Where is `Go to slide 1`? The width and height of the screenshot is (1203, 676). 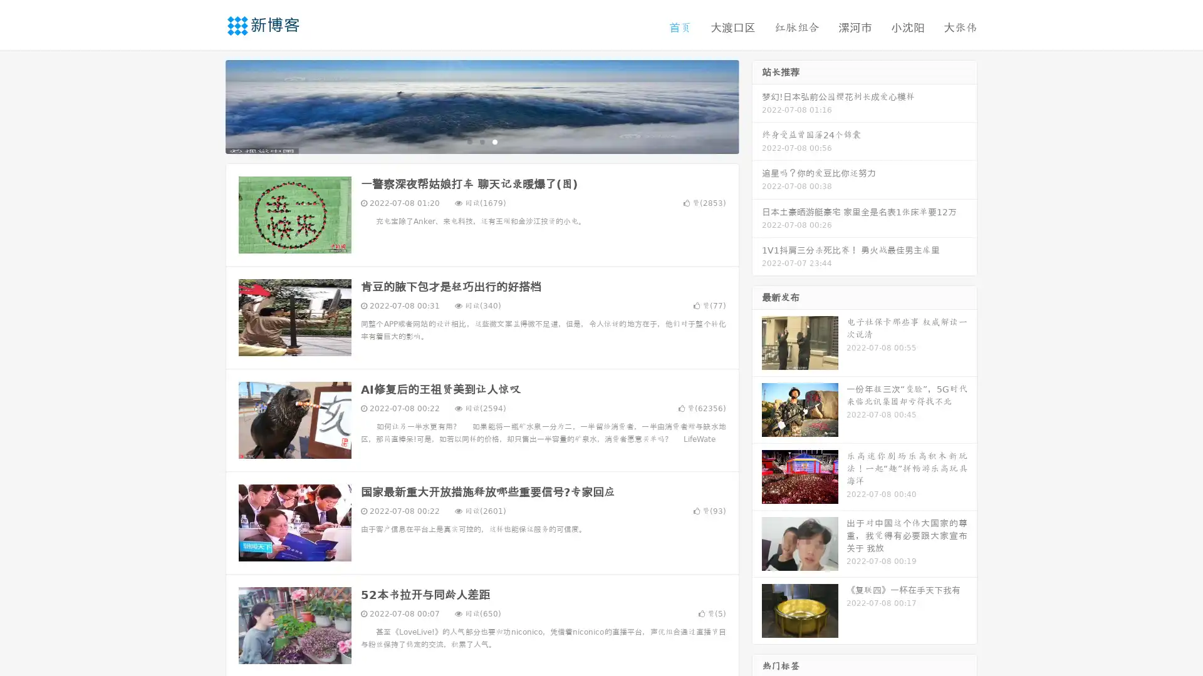 Go to slide 1 is located at coordinates (469, 141).